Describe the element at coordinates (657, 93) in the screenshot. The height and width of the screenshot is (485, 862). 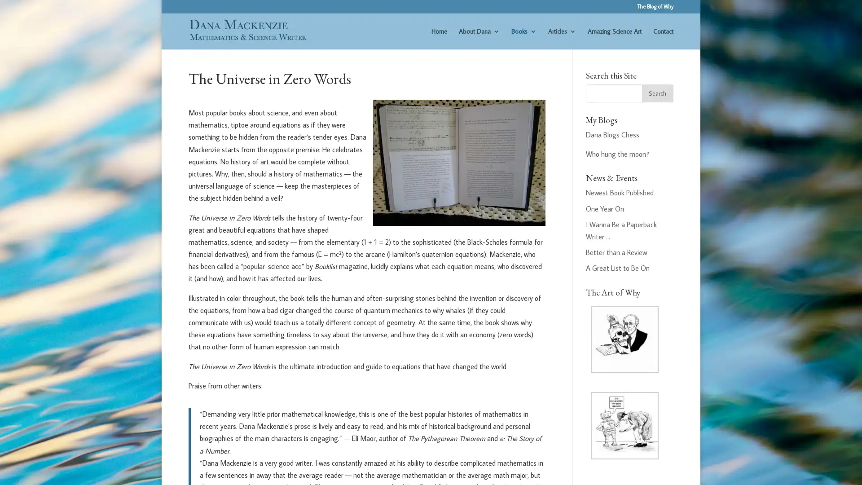
I see `Search` at that location.